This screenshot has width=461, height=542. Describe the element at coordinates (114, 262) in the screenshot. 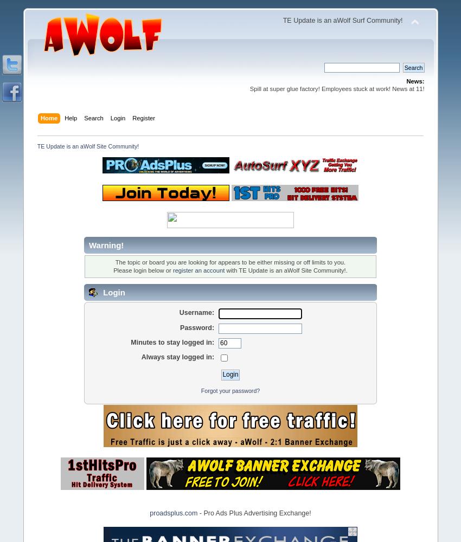

I see `'The topic or board you are looking for appears to be either missing or off limits to you.'` at that location.